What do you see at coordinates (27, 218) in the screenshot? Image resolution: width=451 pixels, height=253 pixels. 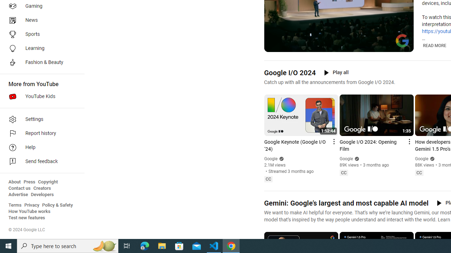 I see `'Test new features'` at bounding box center [27, 218].